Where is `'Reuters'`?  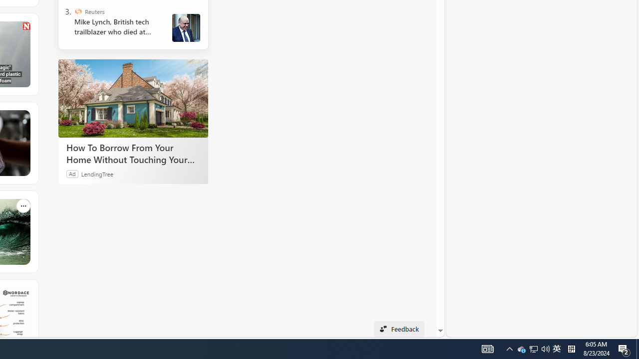
'Reuters' is located at coordinates (77, 11).